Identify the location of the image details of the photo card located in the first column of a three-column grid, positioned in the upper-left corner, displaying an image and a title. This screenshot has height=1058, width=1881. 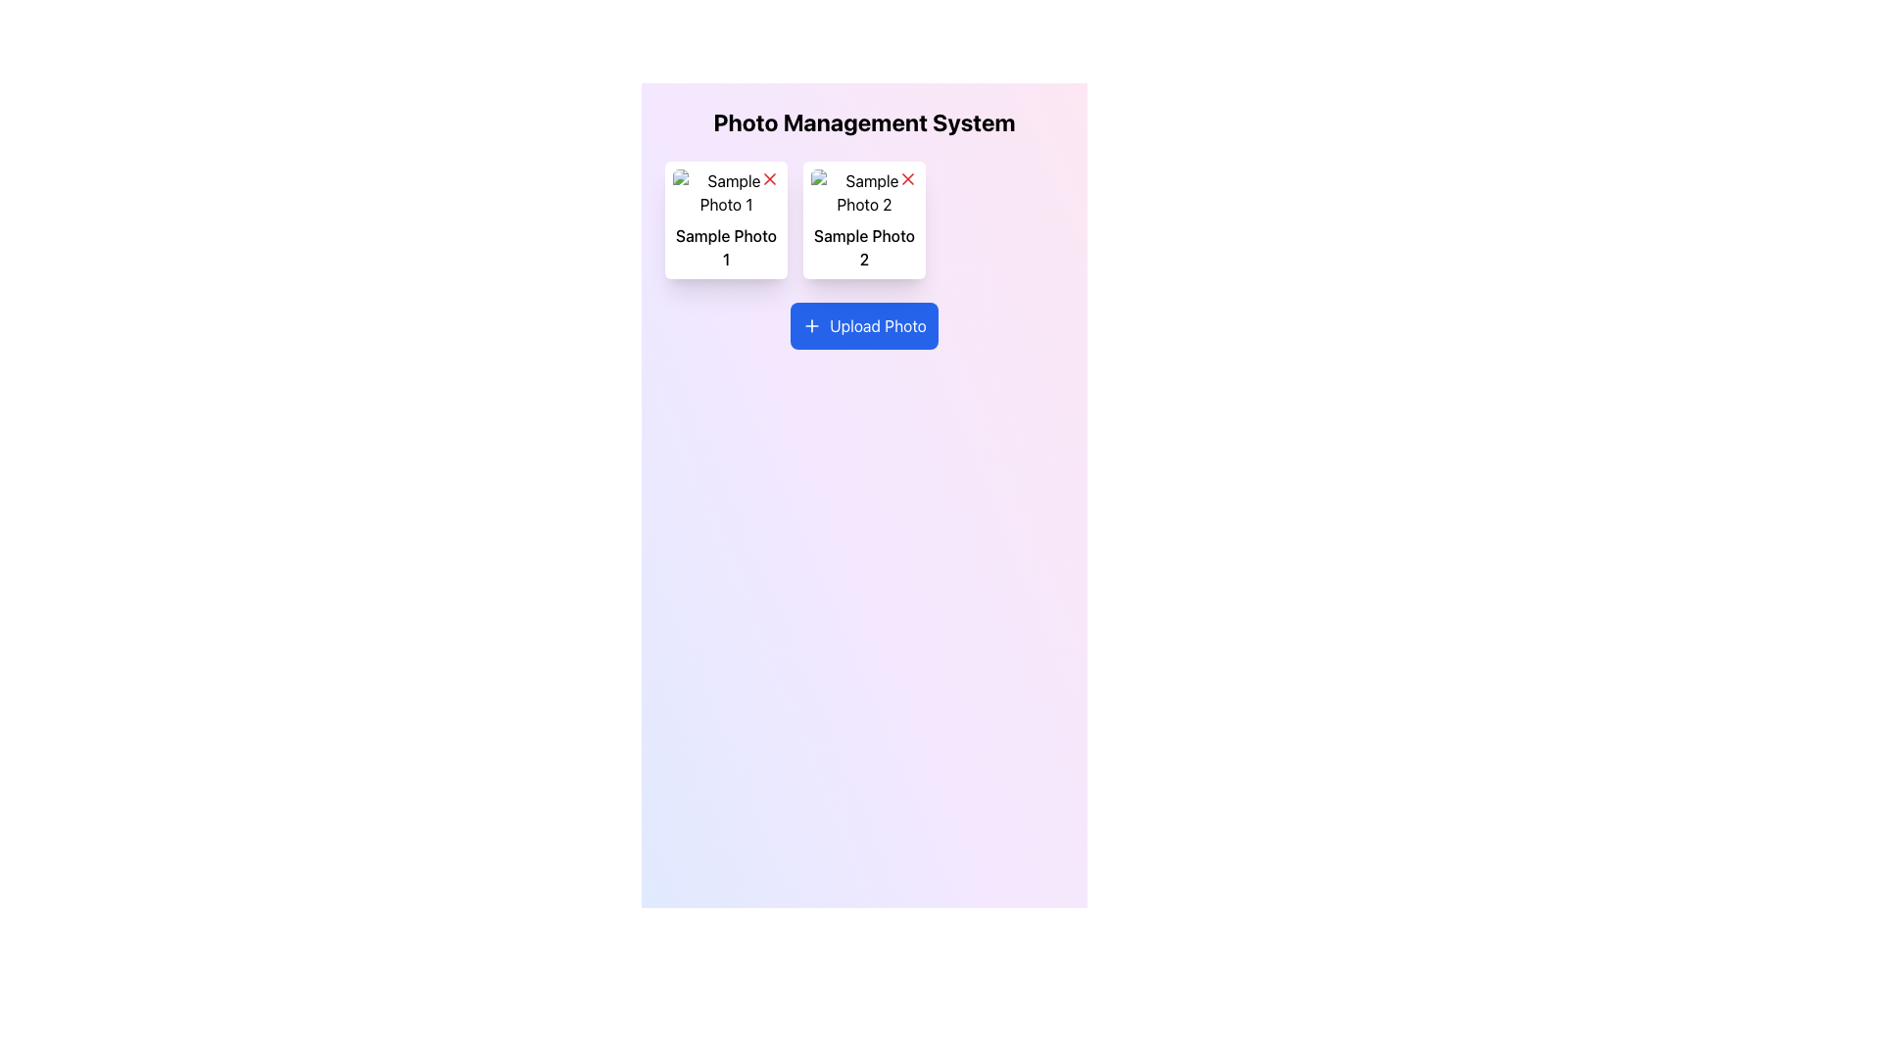
(725, 219).